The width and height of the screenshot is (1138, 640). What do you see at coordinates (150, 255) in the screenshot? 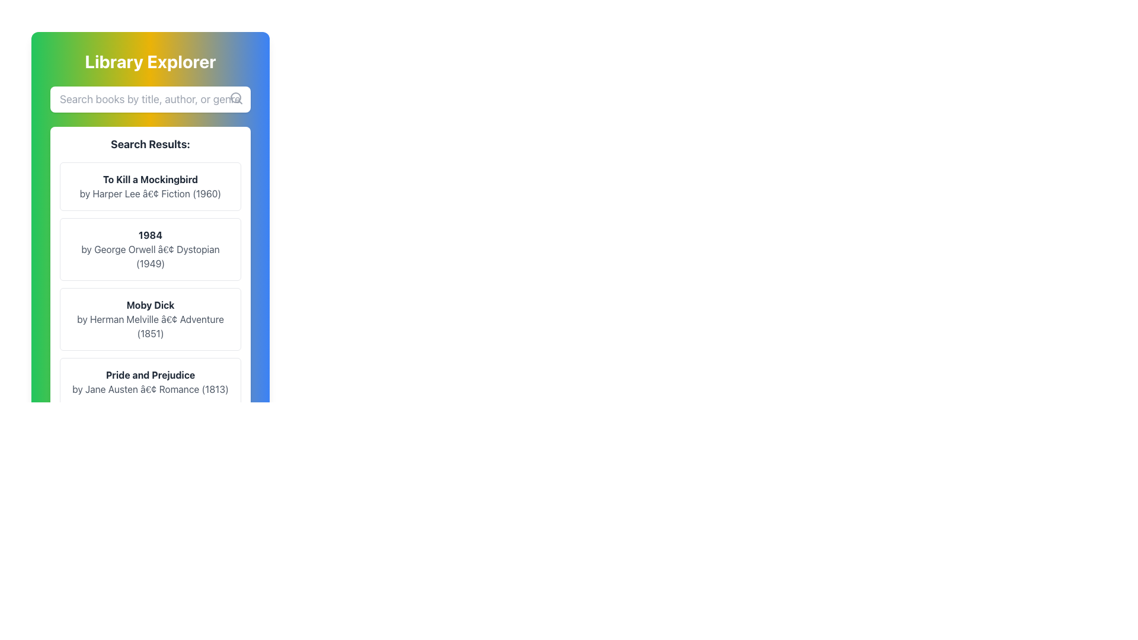
I see `the text label displaying 'by George Orwell • Dystopian (1949)', which is positioned beneath the title '1984' in the search results` at bounding box center [150, 255].